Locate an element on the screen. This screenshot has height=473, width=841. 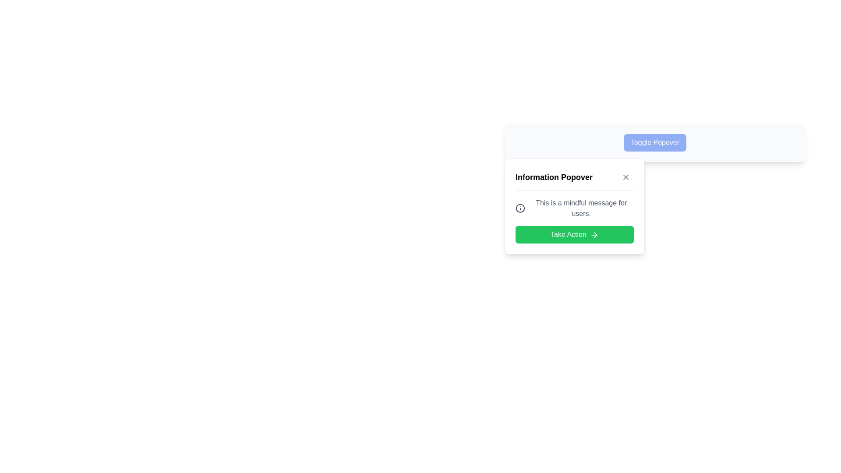
the static informational text with the message 'This is a mindful message for users.' and accompanying info icon located within the 'Information Popover' is located at coordinates (574, 208).